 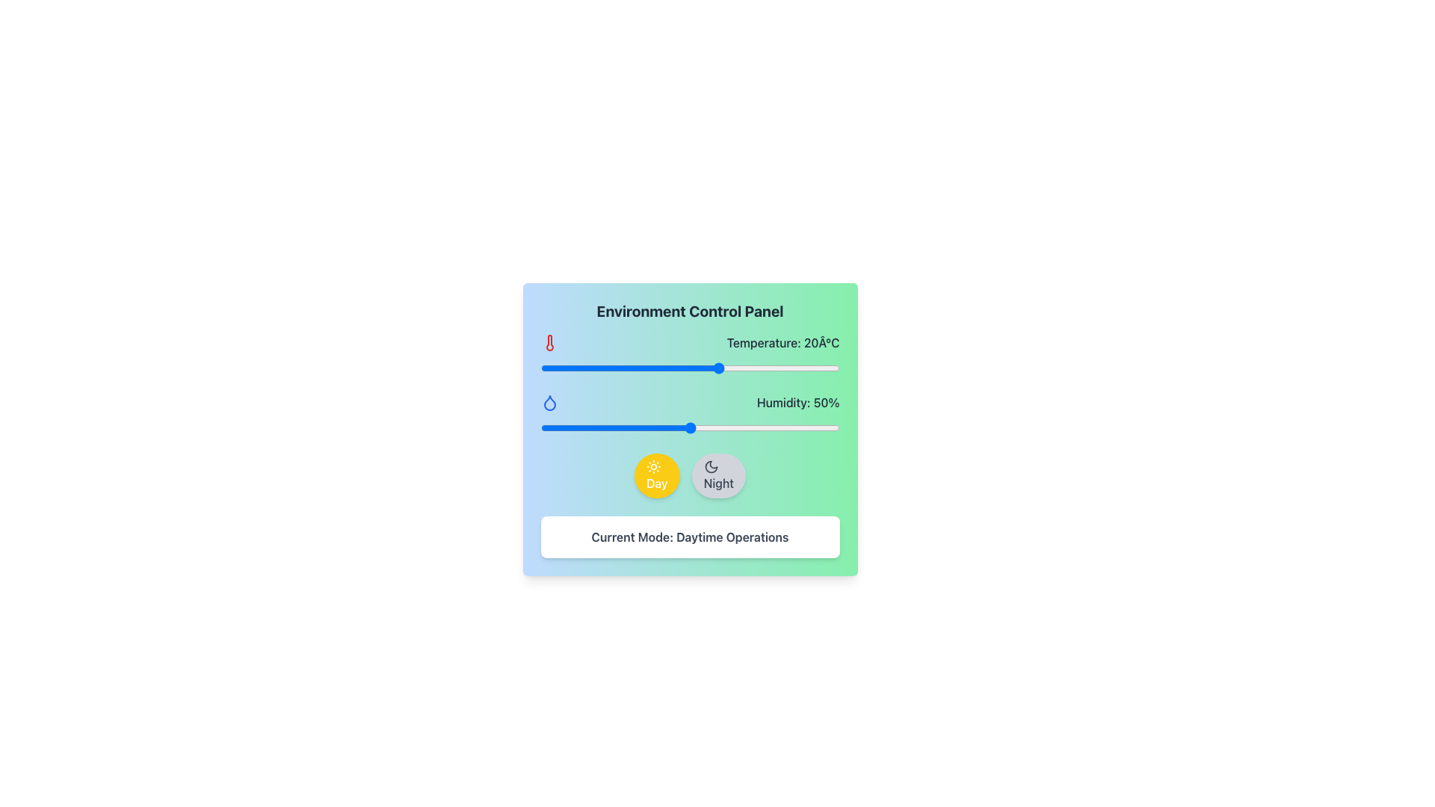 I want to click on the humidity level, so click(x=723, y=428).